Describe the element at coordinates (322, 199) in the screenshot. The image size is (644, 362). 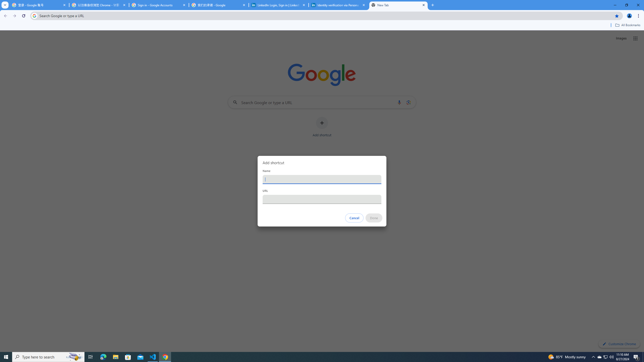
I see `'URL'` at that location.